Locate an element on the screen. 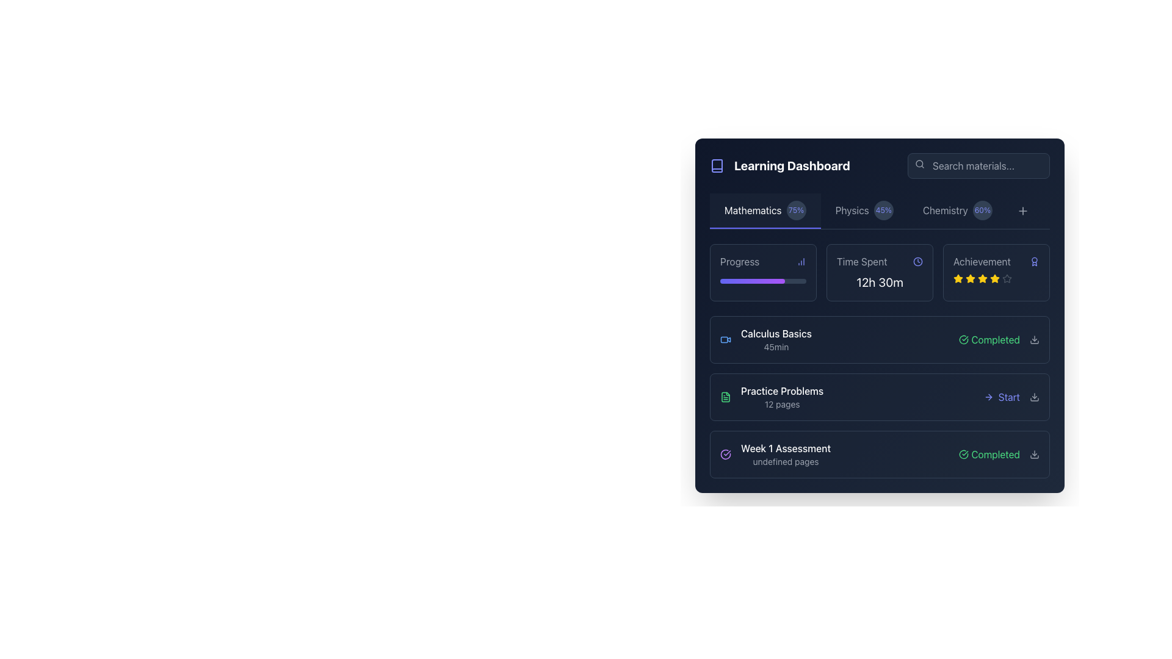 The height and width of the screenshot is (659, 1172). the SVG icon resembling a book located beside the 'Learning Dashboard' text for additional interaction is located at coordinates (717, 166).